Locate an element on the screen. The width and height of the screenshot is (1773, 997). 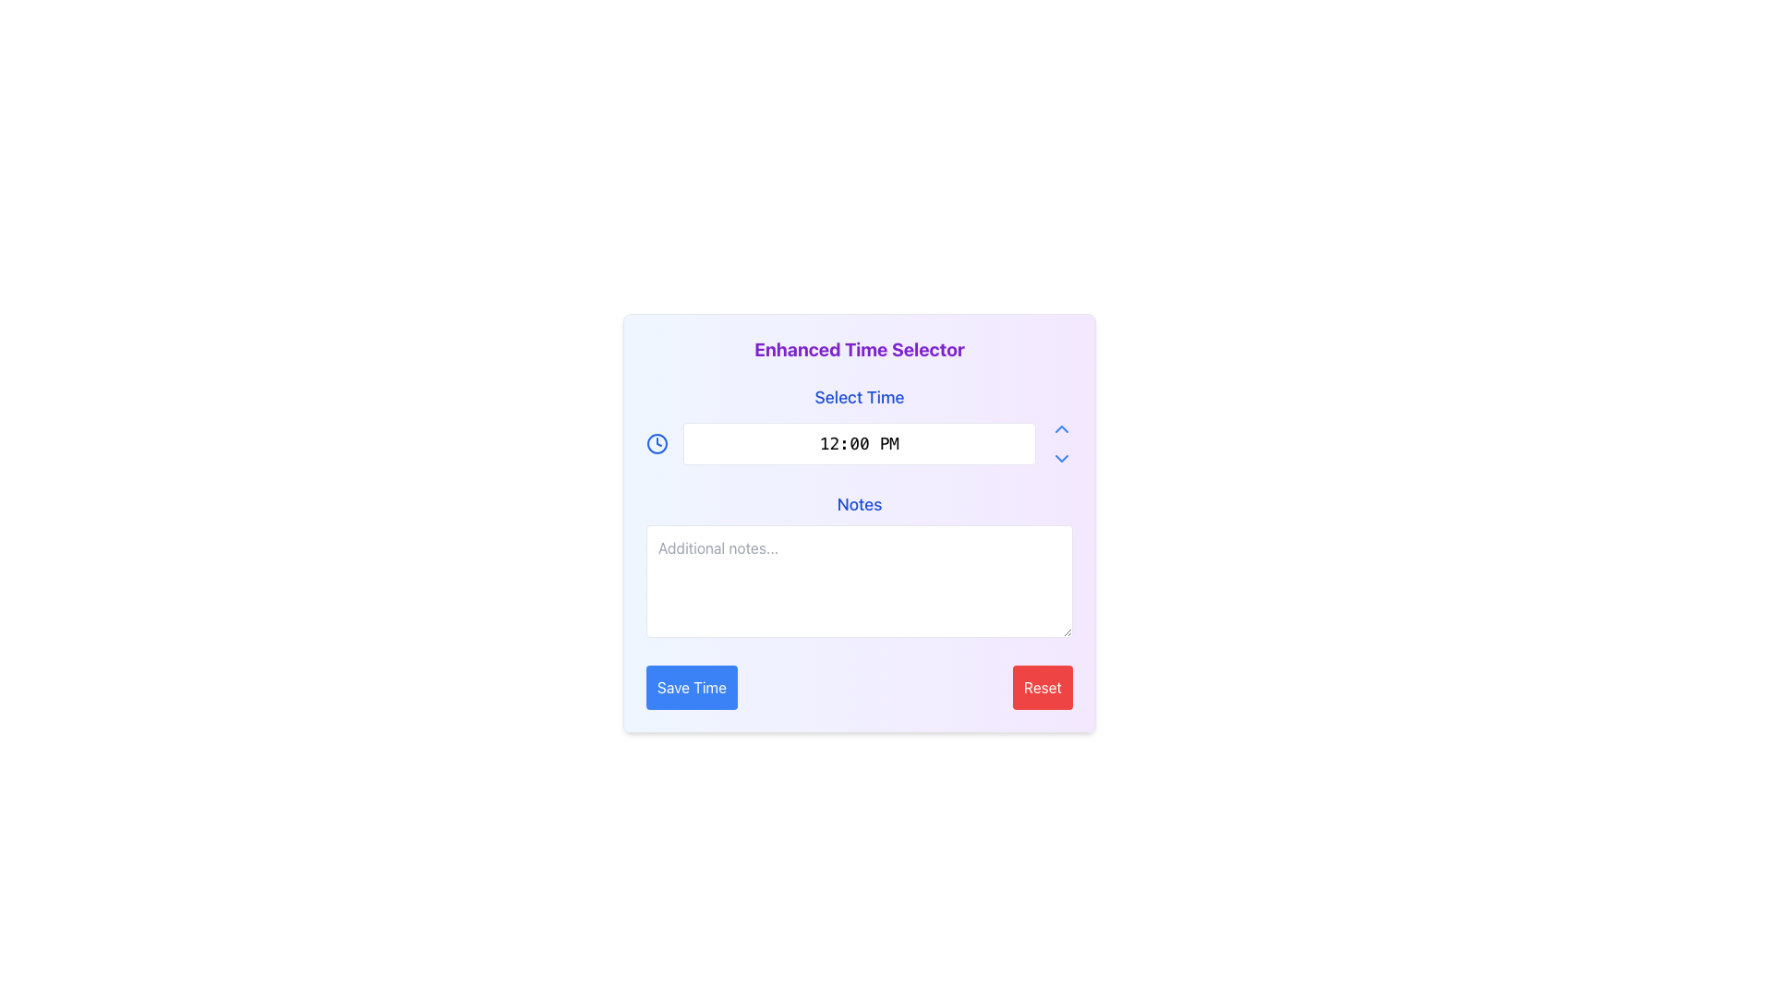
the time input field displaying '12:00 PM' to focus on it is located at coordinates (859, 444).